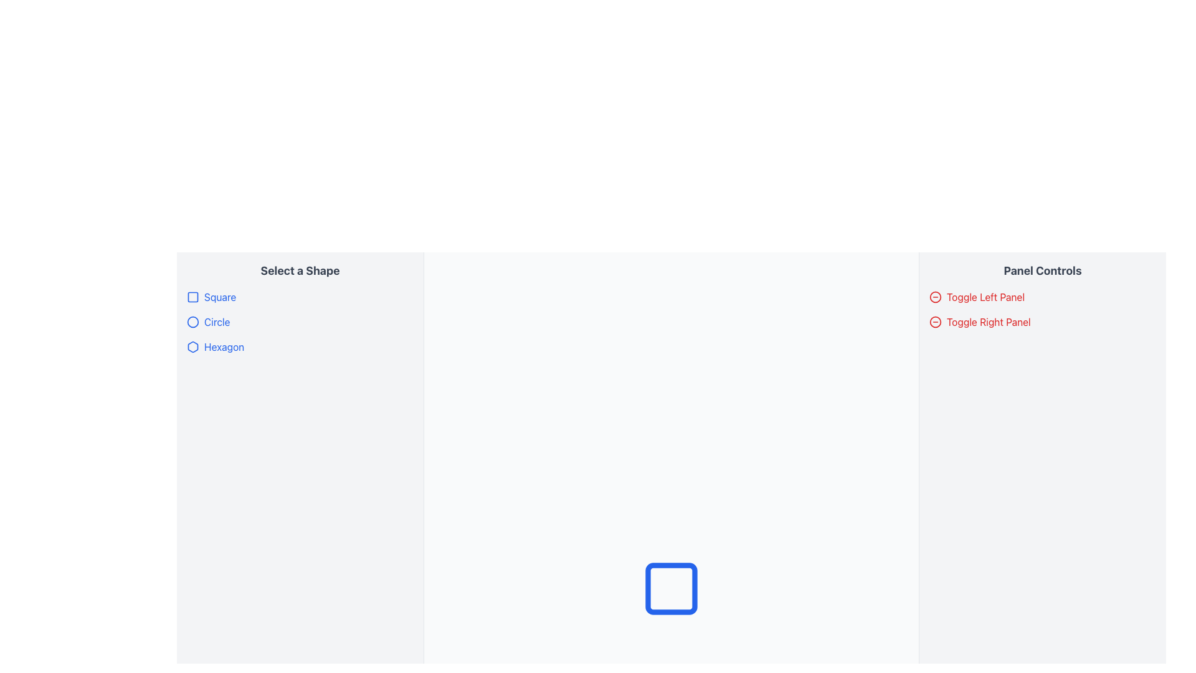  What do you see at coordinates (936, 321) in the screenshot?
I see `the SVG circle element, which is a small circular graphic located under the 'Toggle Left Panel' text in the 'Panel Controls' section, by using related controls` at bounding box center [936, 321].